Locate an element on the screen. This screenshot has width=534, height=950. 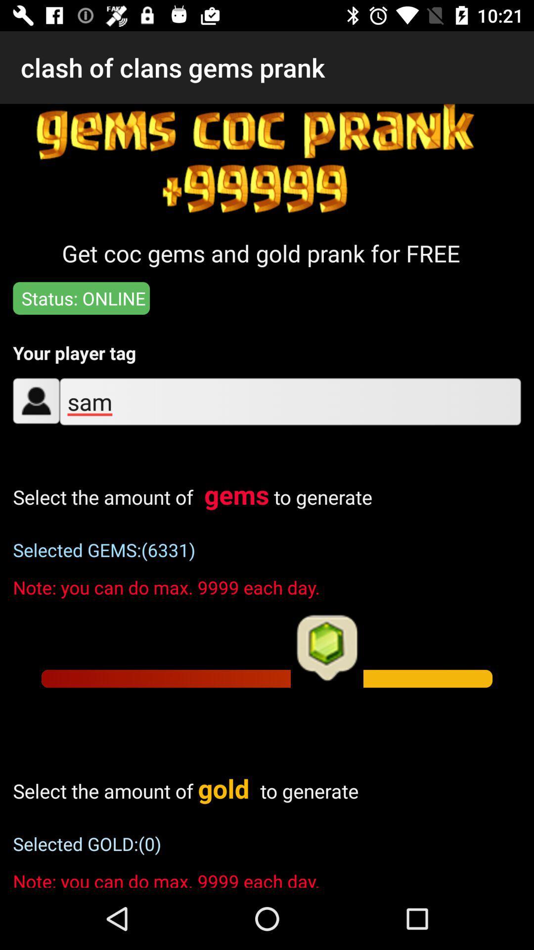
sam is located at coordinates (290, 401).